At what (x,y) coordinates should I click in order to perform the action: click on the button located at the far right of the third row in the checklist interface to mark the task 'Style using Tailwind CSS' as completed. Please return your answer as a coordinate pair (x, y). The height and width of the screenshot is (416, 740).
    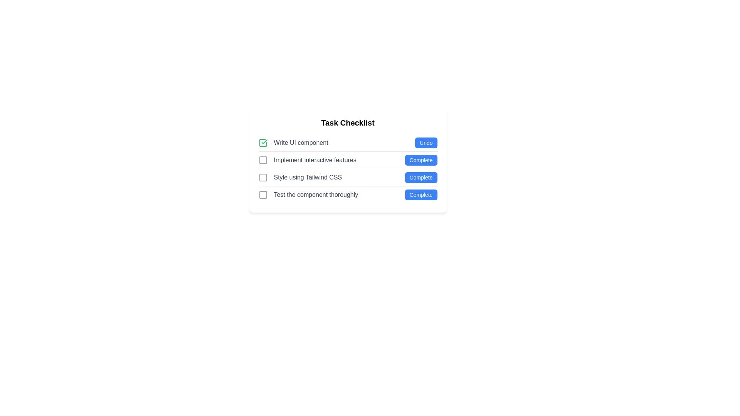
    Looking at the image, I should click on (420, 178).